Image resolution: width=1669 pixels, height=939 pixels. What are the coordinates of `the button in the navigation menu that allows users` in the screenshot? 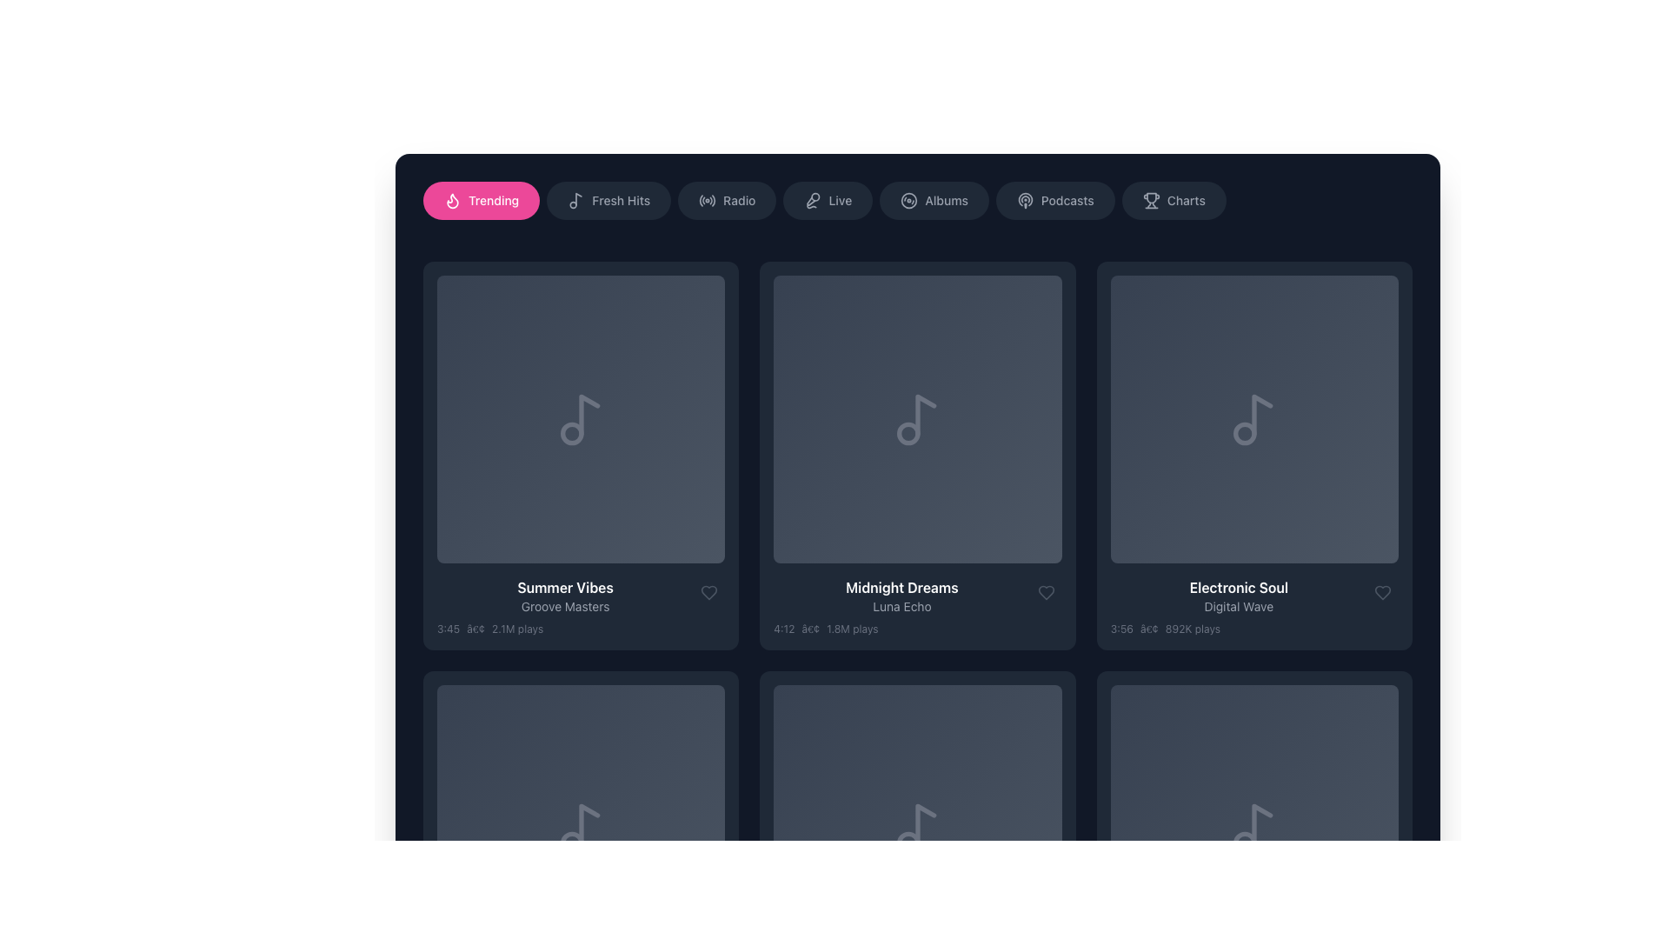 It's located at (934, 200).